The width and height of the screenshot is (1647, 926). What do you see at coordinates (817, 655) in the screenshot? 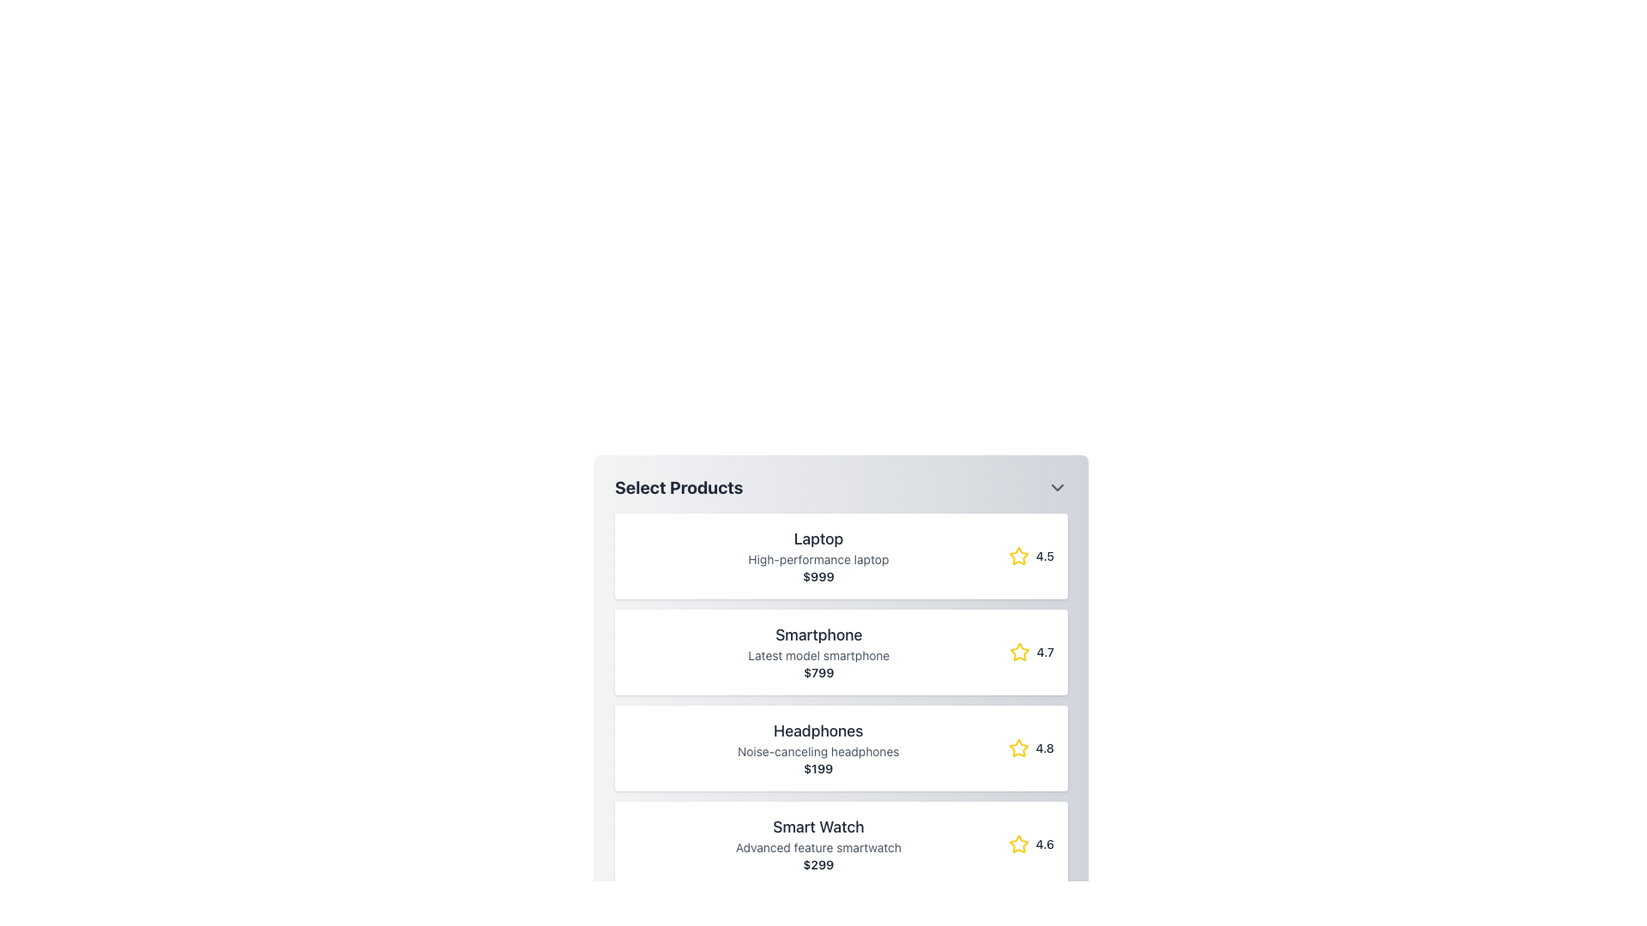
I see `the descriptive text label for the product 'Smartphone', which is positioned below the title and above the price` at bounding box center [817, 655].